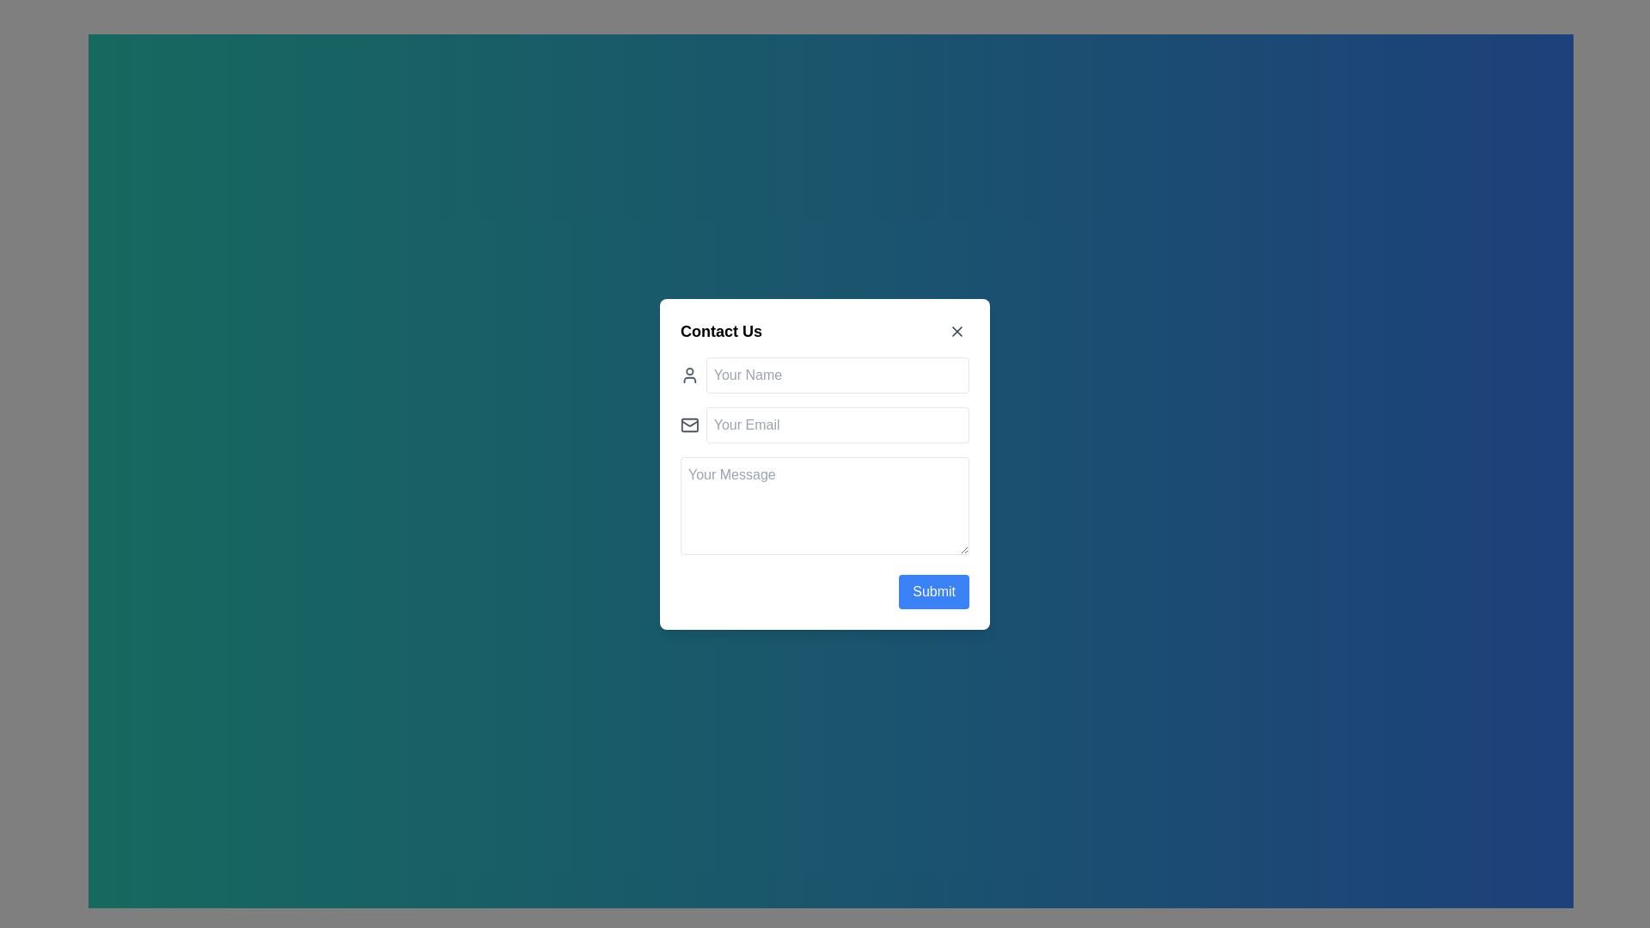  I want to click on the email icon located in the second row under the 'Contact Us' title, aligned left of the 'Your Email' input box, so click(689, 424).